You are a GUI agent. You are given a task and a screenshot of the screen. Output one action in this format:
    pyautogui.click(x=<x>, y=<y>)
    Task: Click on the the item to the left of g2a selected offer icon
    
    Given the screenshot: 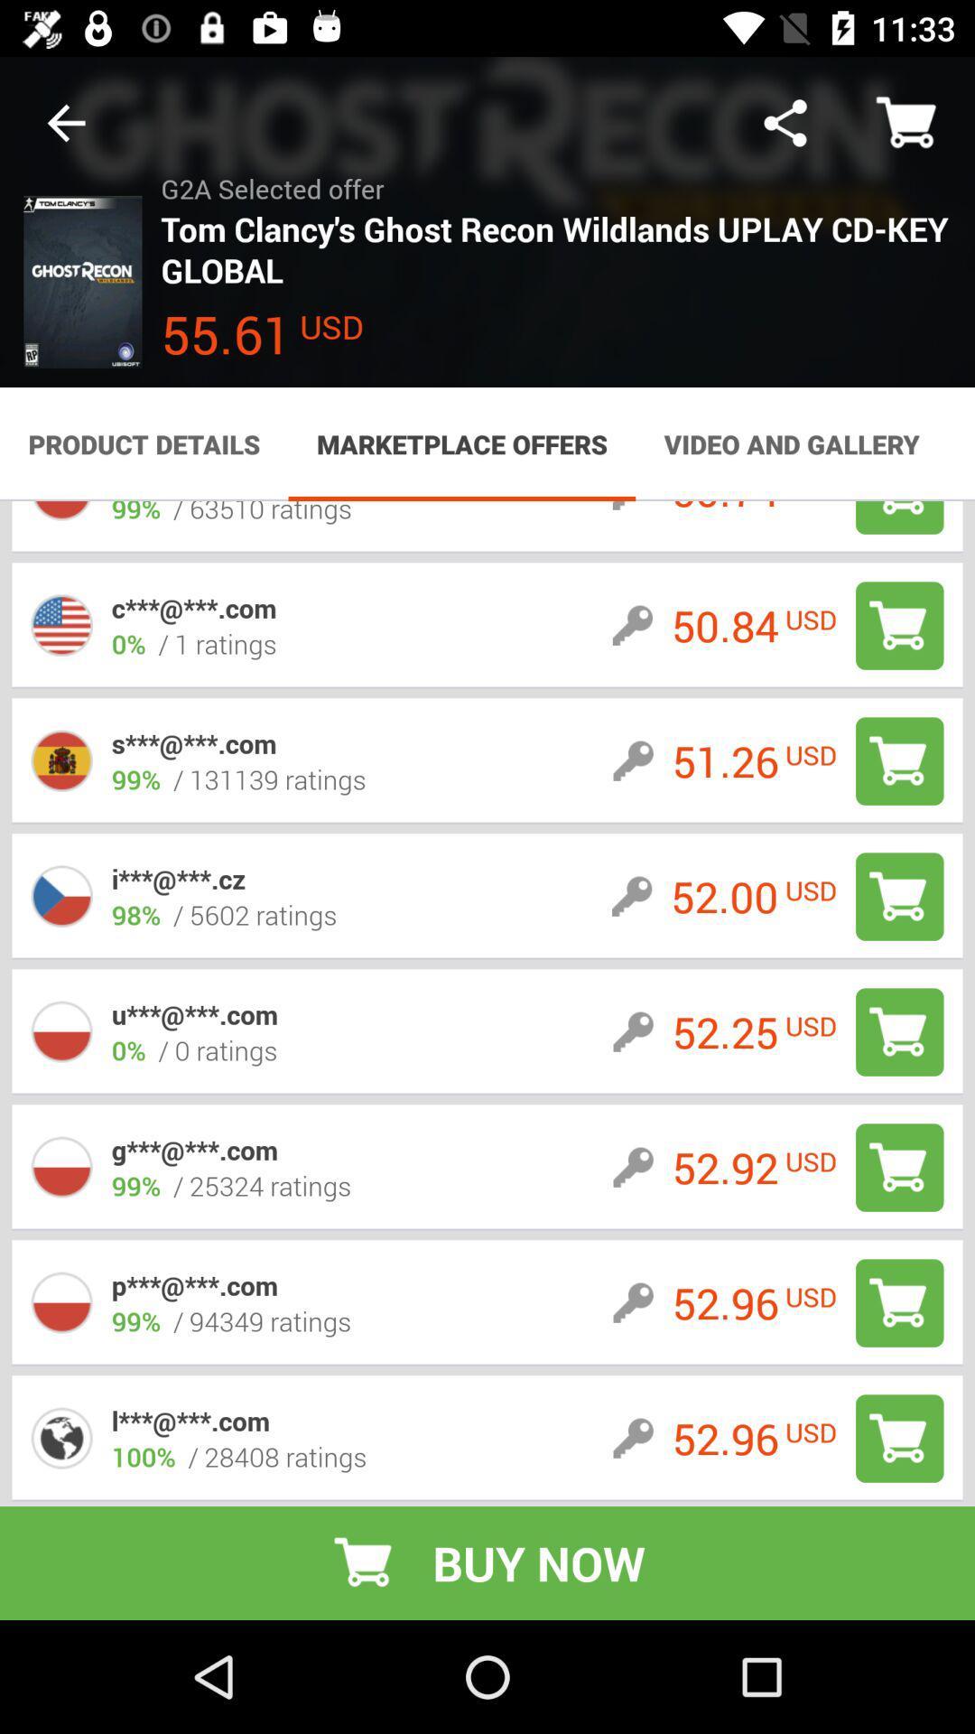 What is the action you would take?
    pyautogui.click(x=65, y=122)
    